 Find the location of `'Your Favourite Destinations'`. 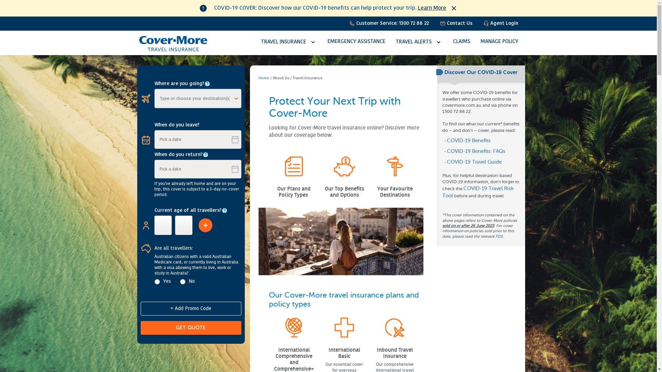

'Your Favourite Destinations' is located at coordinates (395, 192).